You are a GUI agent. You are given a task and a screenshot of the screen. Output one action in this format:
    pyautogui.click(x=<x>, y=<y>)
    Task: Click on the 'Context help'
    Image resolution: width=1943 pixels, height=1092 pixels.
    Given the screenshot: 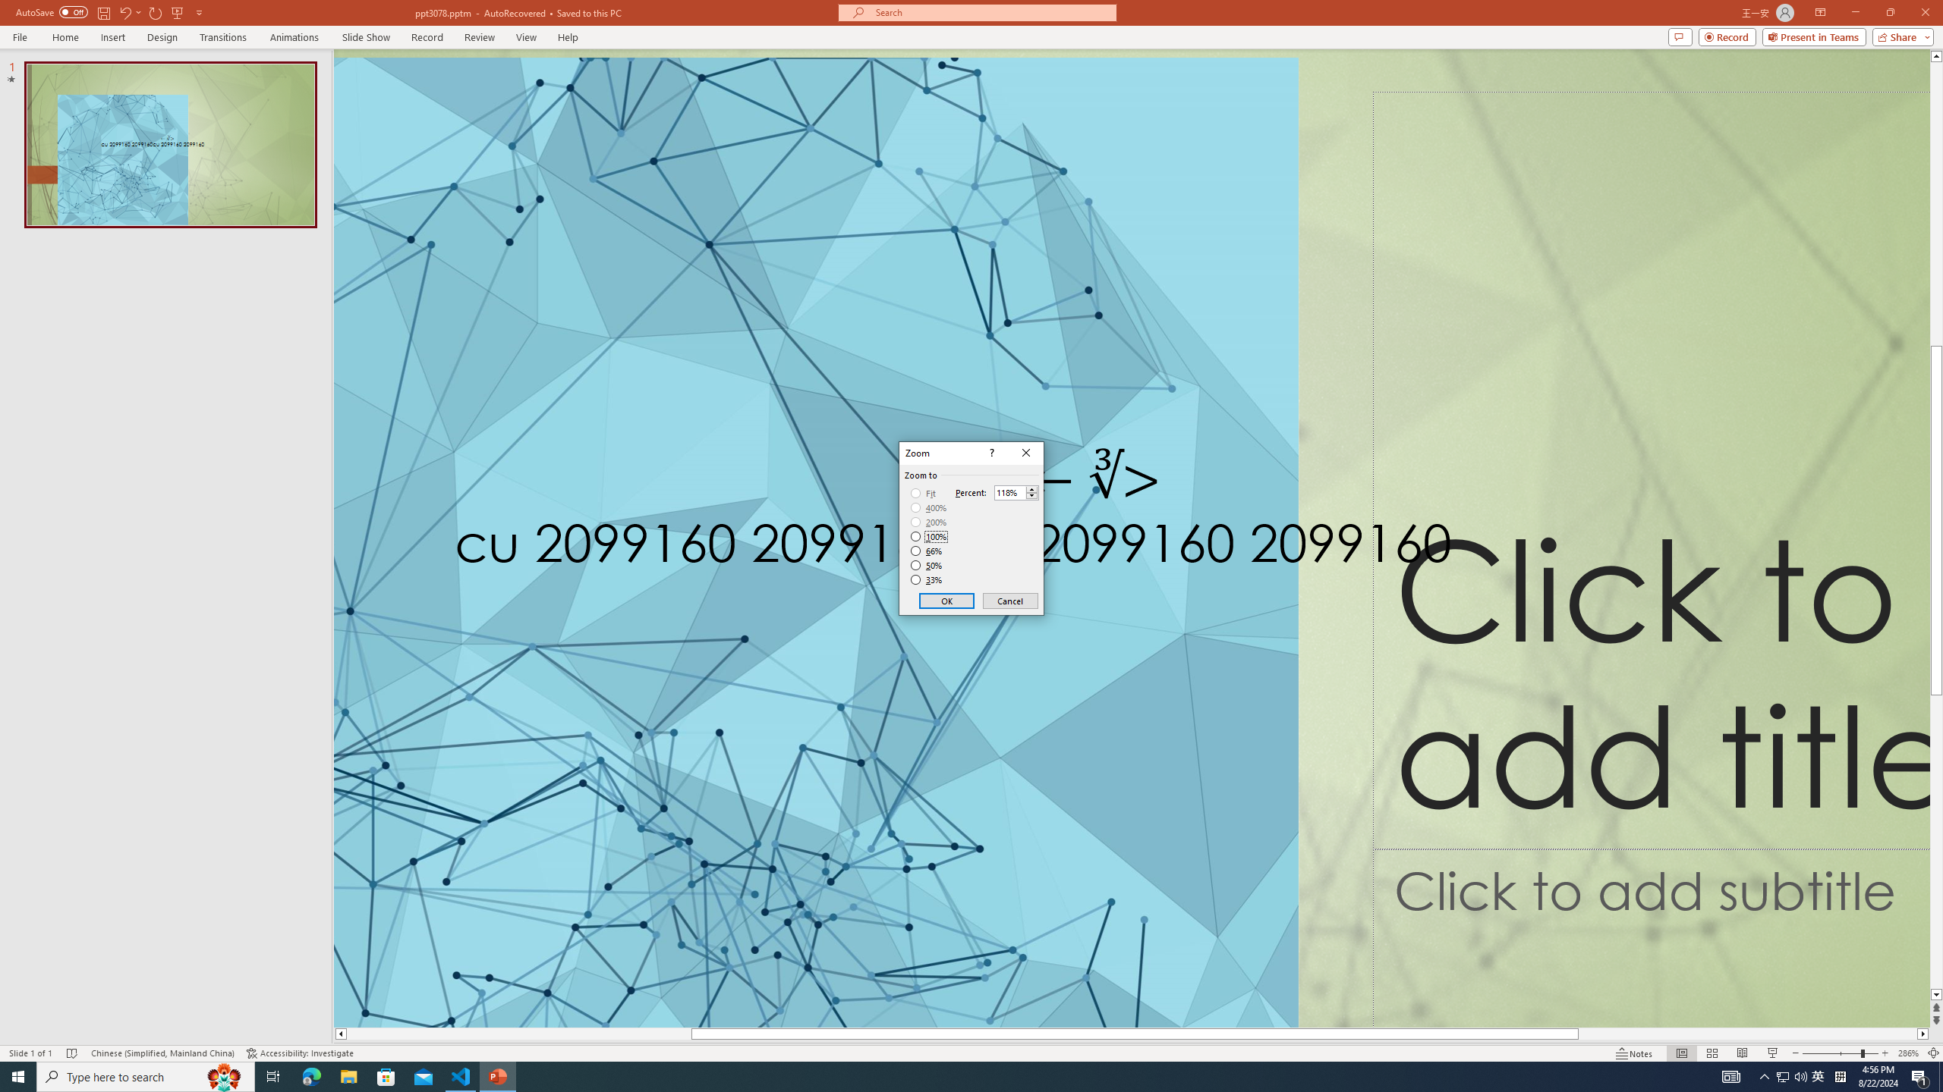 What is the action you would take?
    pyautogui.click(x=990, y=453)
    